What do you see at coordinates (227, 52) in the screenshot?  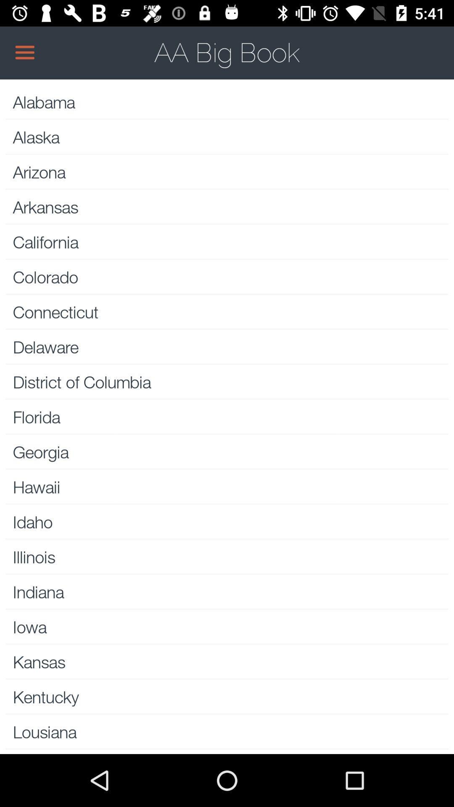 I see `display options menu` at bounding box center [227, 52].